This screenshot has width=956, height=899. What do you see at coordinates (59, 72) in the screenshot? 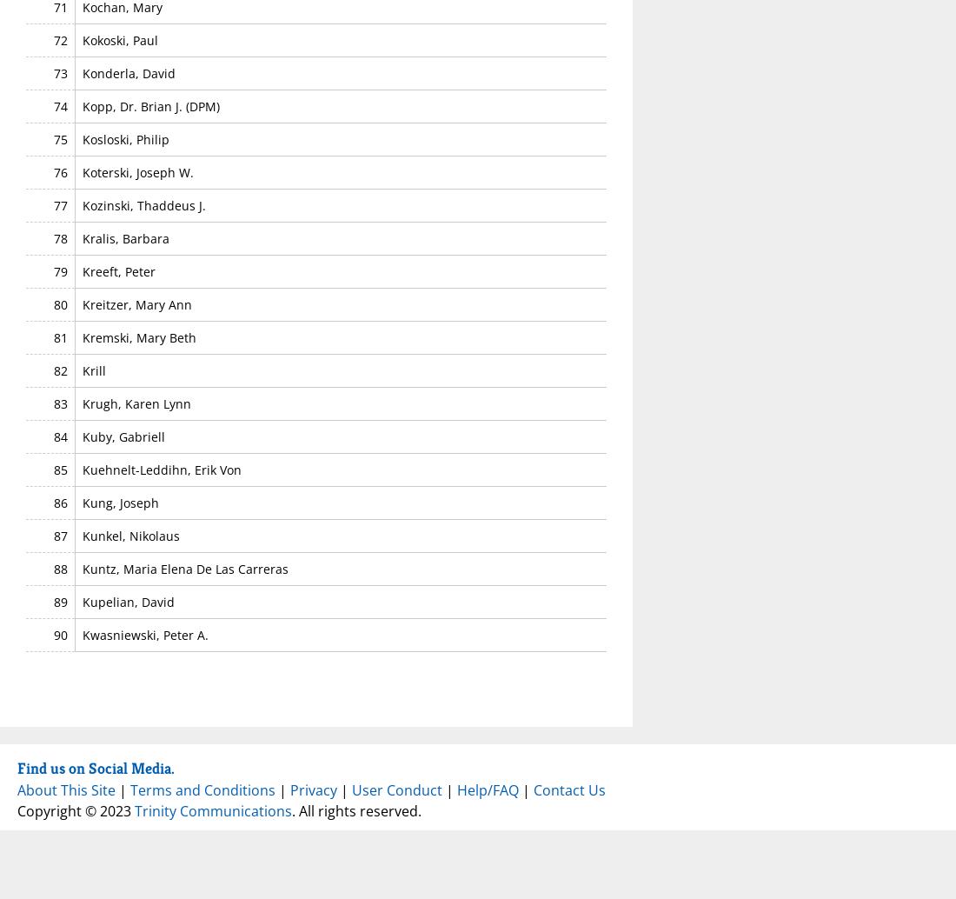
I see `'73'` at bounding box center [59, 72].